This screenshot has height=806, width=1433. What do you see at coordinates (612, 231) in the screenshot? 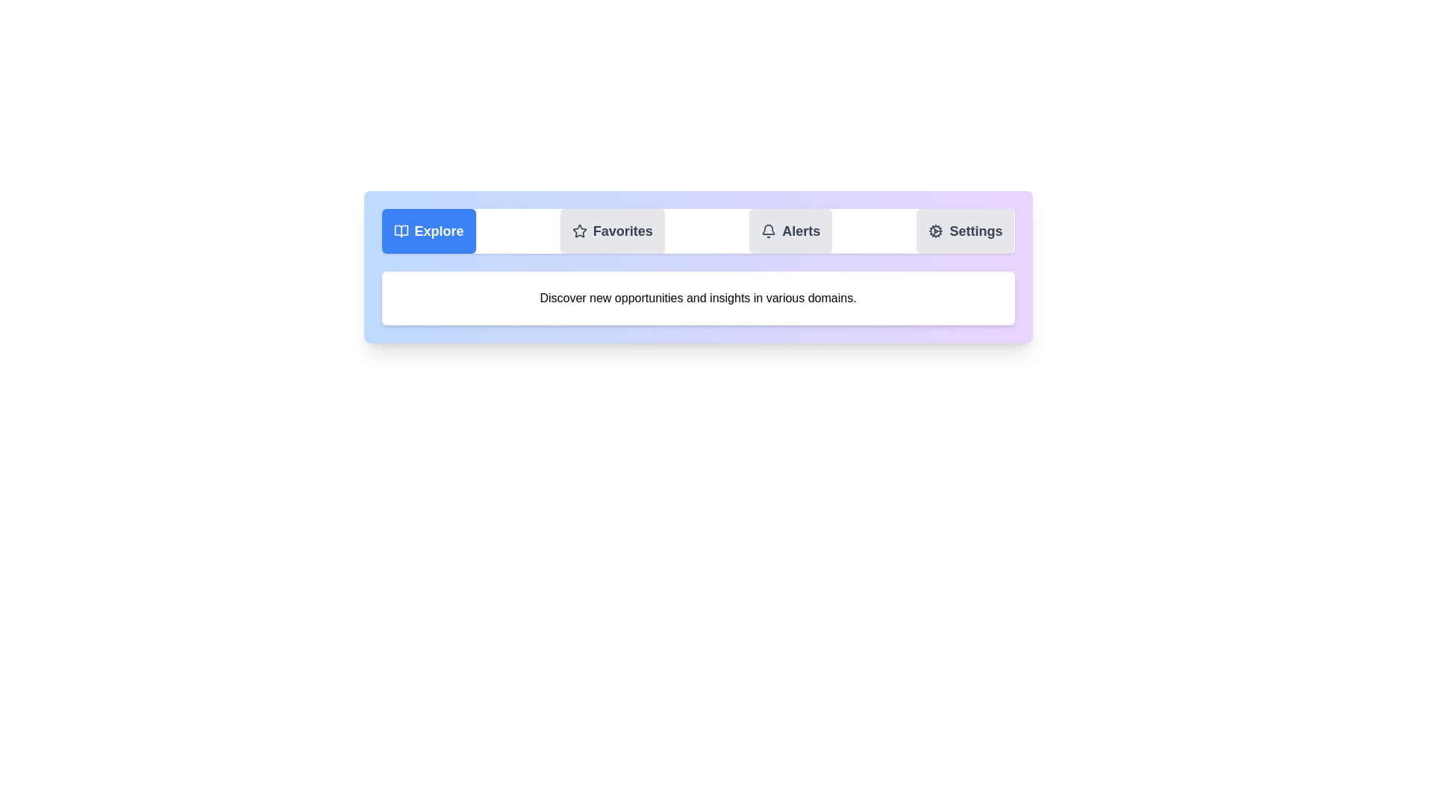
I see `the tab labeled Favorites` at bounding box center [612, 231].